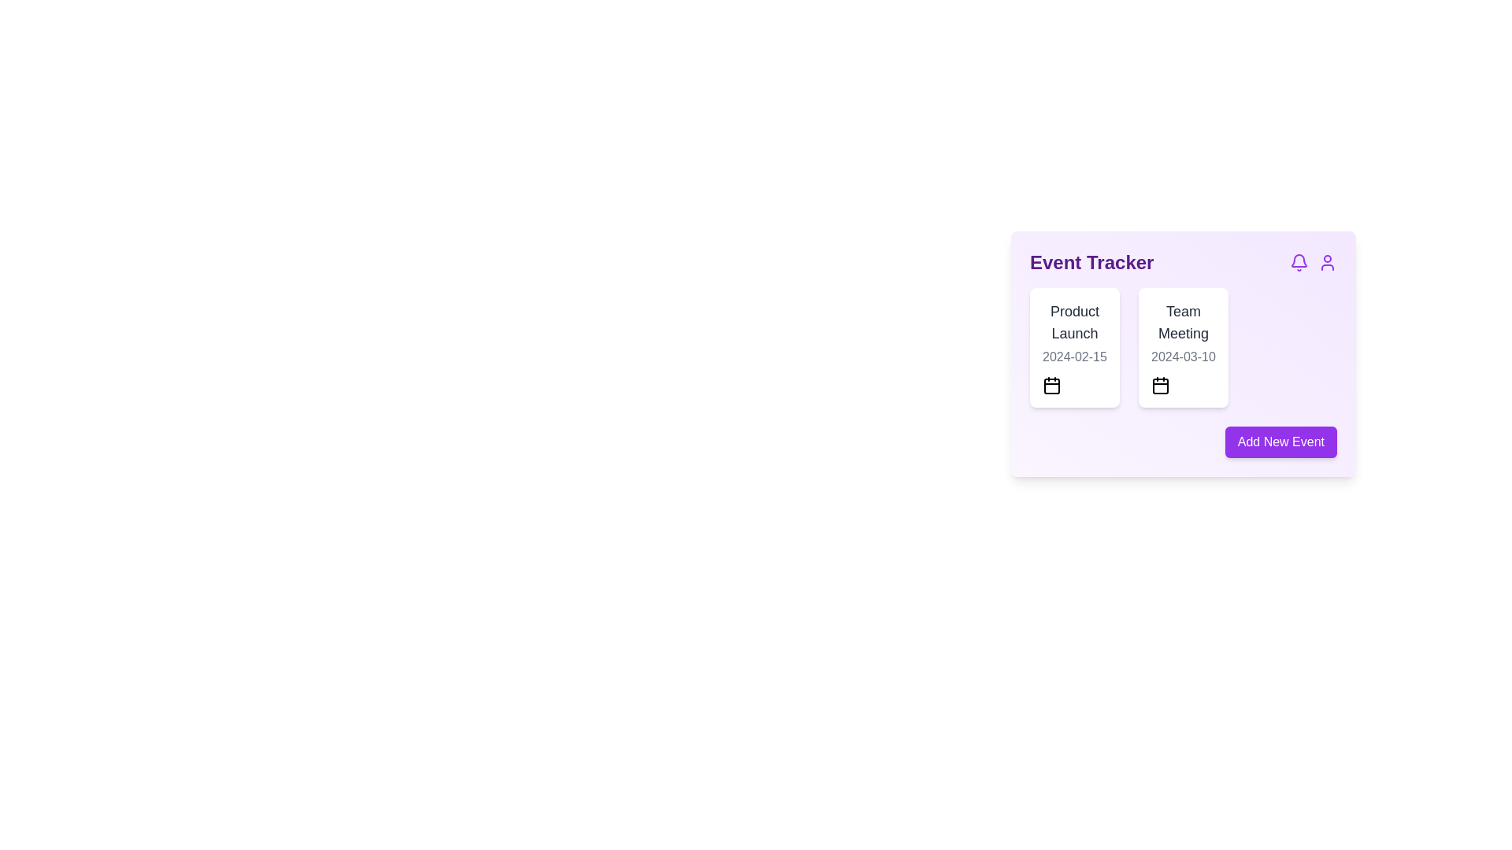 The width and height of the screenshot is (1512, 850). What do you see at coordinates (1299, 262) in the screenshot?
I see `the notification button, which is represented by a bell icon located in the top-right corner of the Event Tracker card` at bounding box center [1299, 262].